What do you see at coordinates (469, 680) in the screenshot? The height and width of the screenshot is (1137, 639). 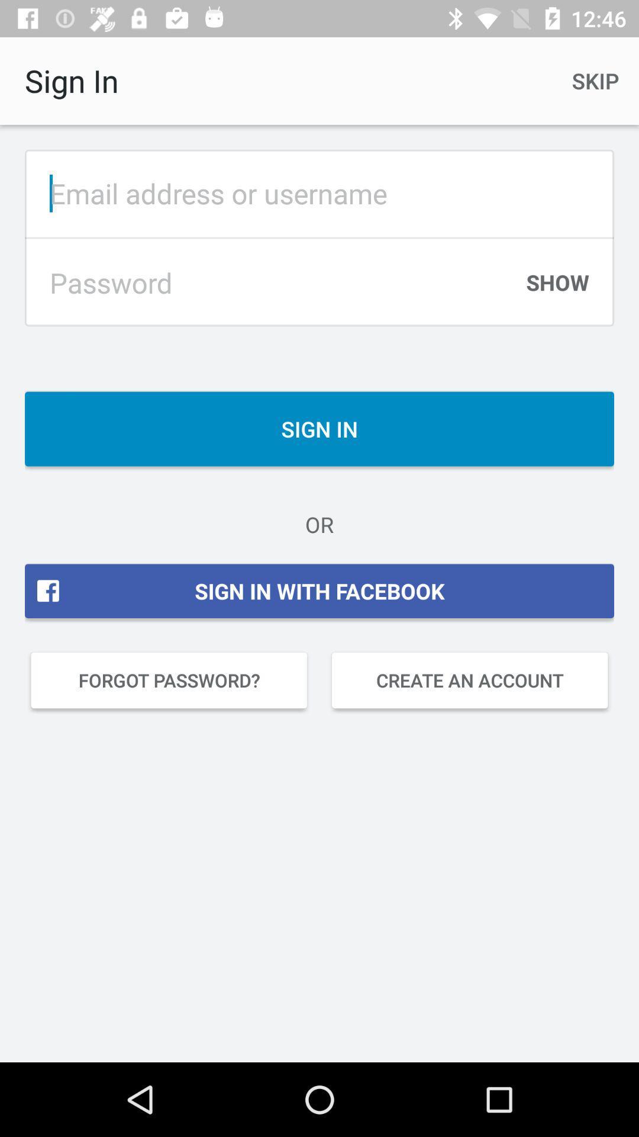 I see `item next to forgot password? item` at bounding box center [469, 680].